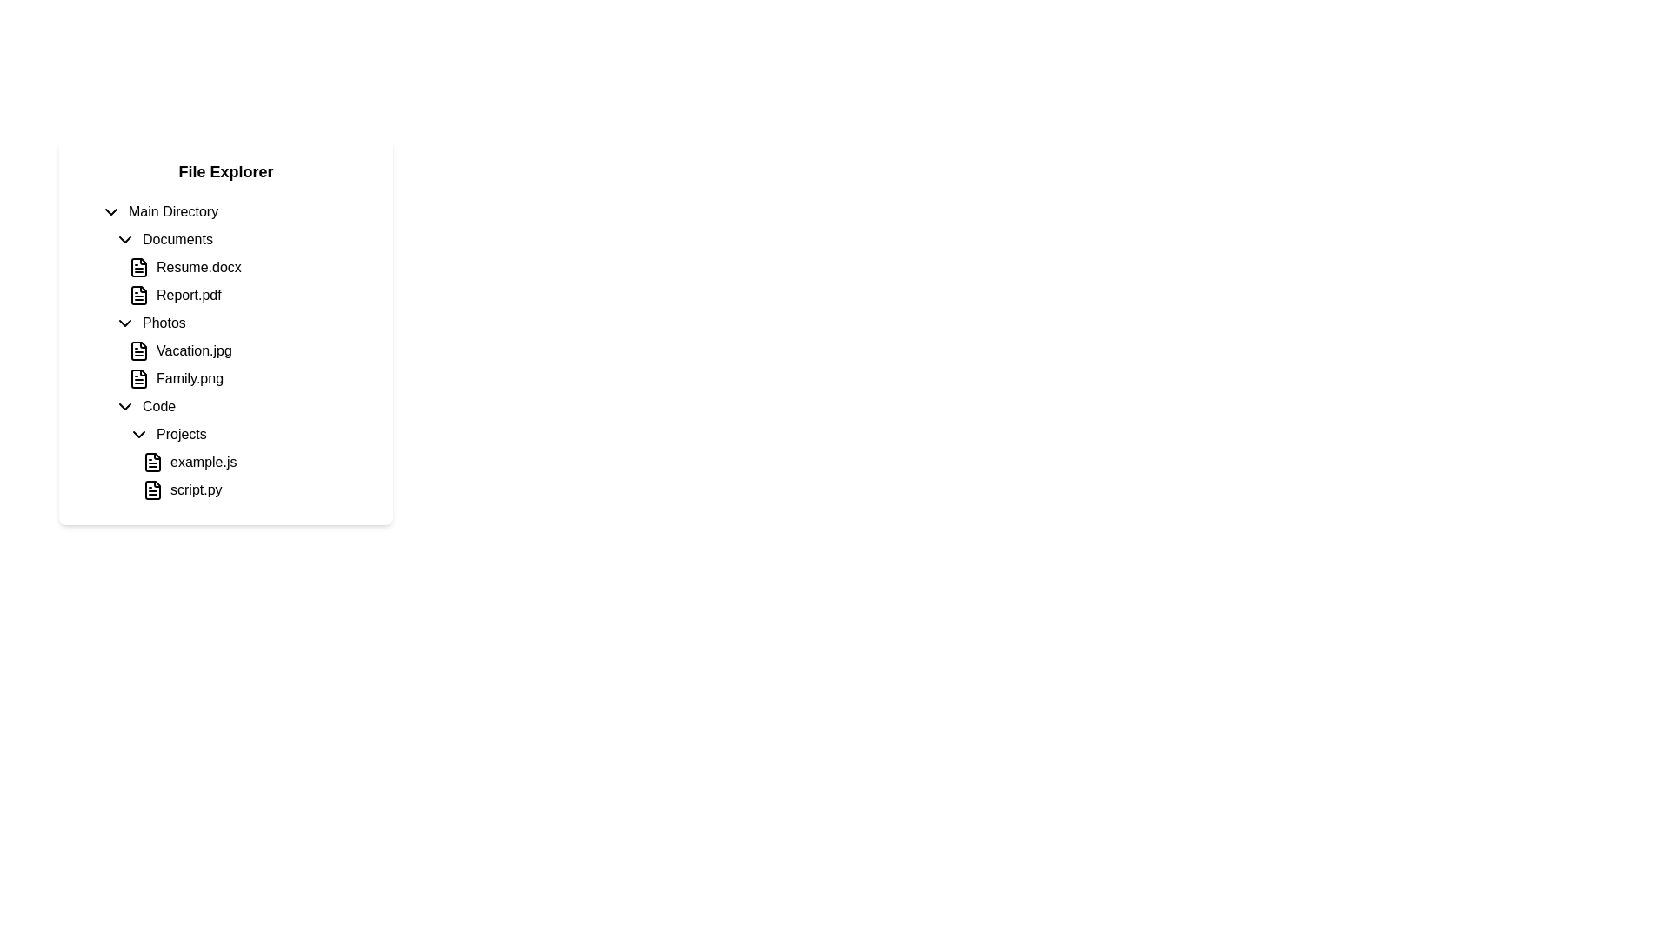 The image size is (1670, 939). What do you see at coordinates (124, 406) in the screenshot?
I see `the collapsible section icon located in front of the 'Code' label` at bounding box center [124, 406].